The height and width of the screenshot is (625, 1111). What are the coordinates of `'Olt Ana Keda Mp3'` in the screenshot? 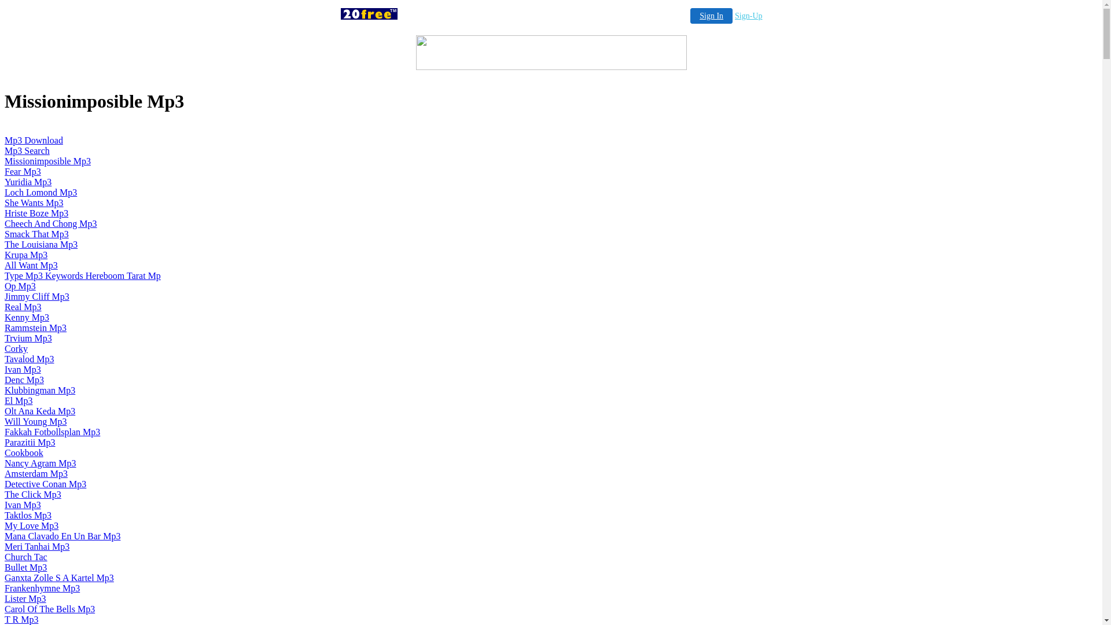 It's located at (39, 410).